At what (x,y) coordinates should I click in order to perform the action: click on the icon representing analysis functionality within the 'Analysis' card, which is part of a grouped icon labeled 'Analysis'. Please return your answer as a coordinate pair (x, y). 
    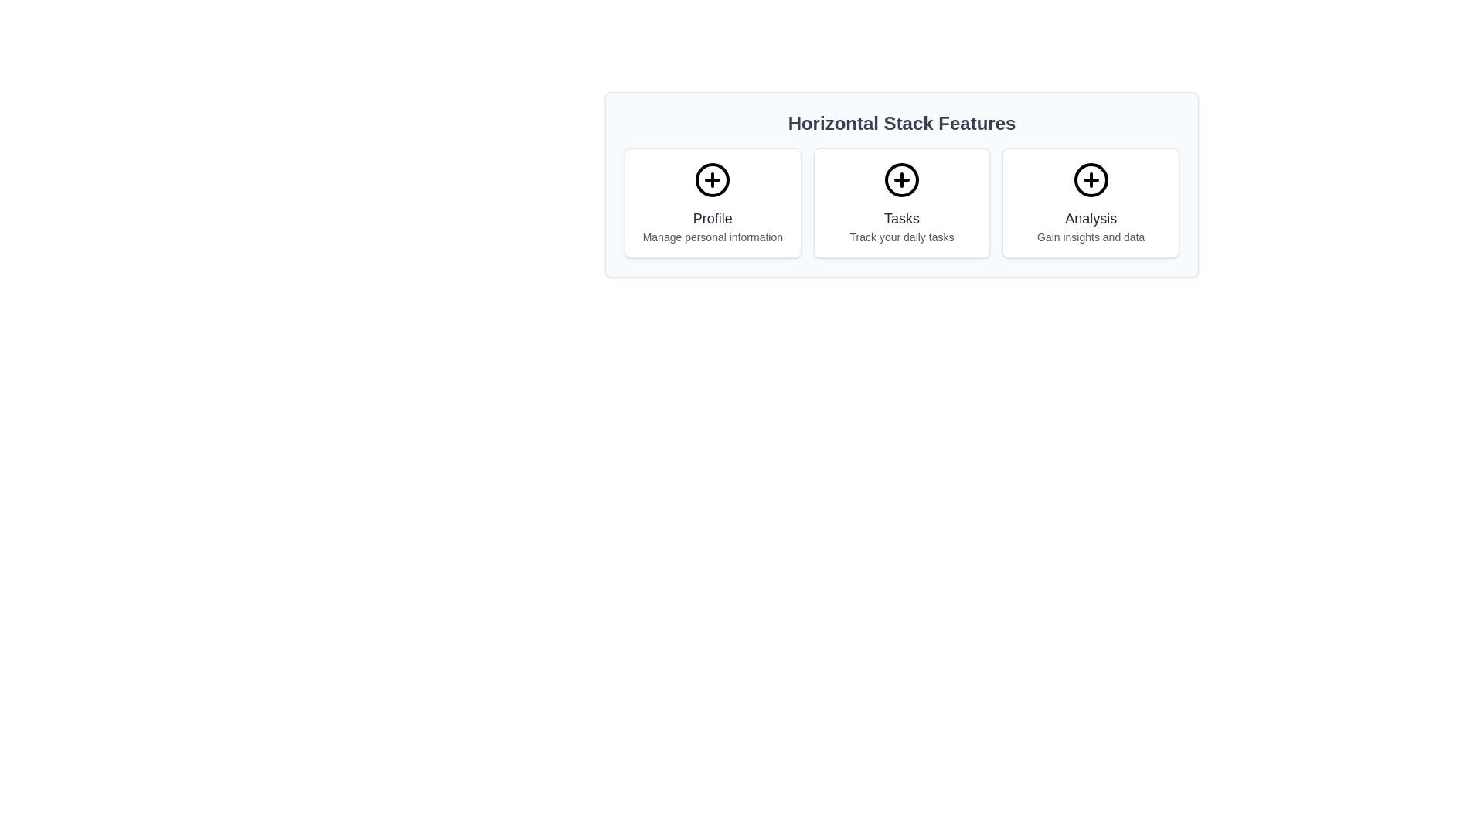
    Looking at the image, I should click on (1090, 179).